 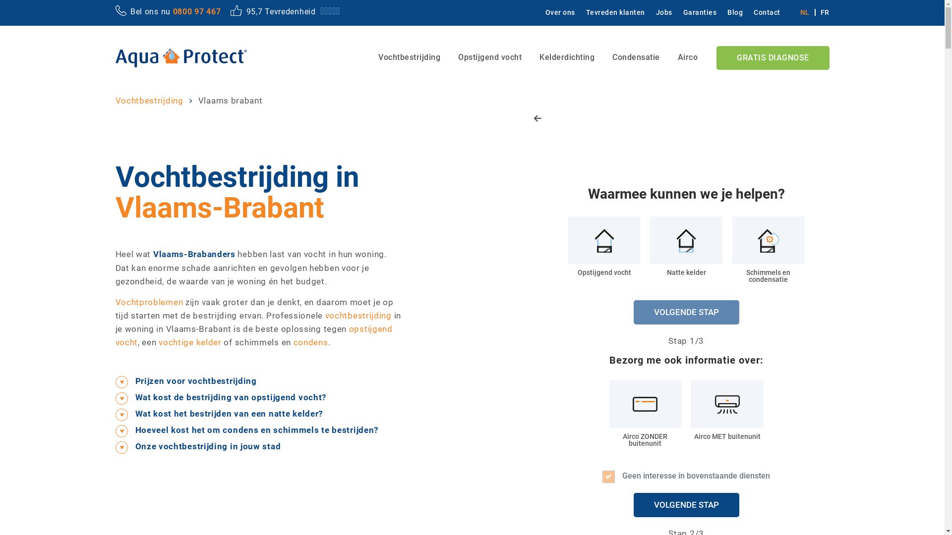 I want to click on 'Contact', so click(x=747, y=12).